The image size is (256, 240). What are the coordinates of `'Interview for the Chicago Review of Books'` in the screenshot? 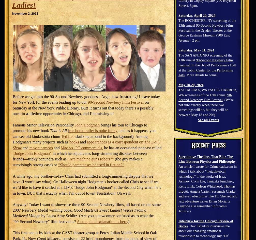 It's located at (178, 223).